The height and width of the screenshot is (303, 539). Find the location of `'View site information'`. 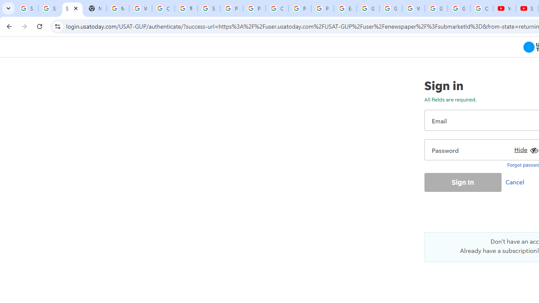

'View site information' is located at coordinates (57, 26).